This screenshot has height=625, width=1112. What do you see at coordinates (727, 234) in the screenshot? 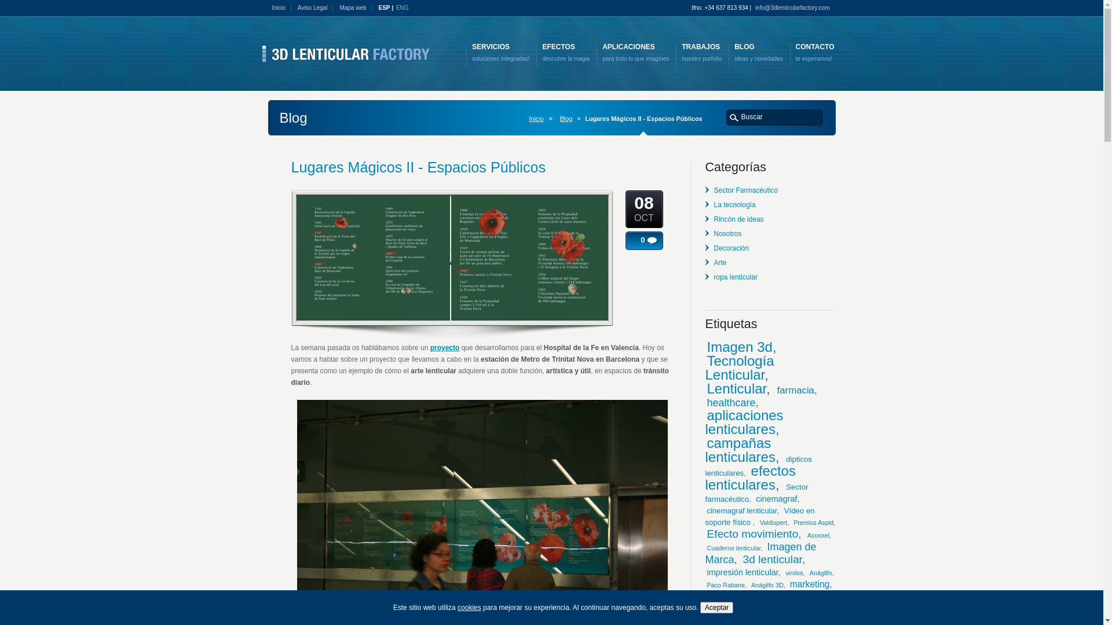
I see `'Nosotros'` at bounding box center [727, 234].